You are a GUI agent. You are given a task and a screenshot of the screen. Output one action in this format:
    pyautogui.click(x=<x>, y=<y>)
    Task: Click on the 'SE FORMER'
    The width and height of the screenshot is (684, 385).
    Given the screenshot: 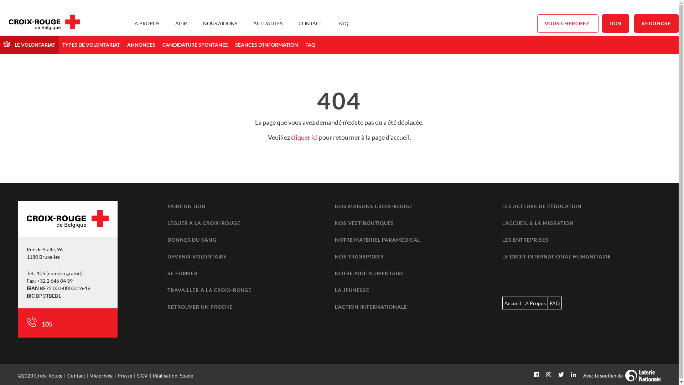 What is the action you would take?
    pyautogui.click(x=182, y=273)
    